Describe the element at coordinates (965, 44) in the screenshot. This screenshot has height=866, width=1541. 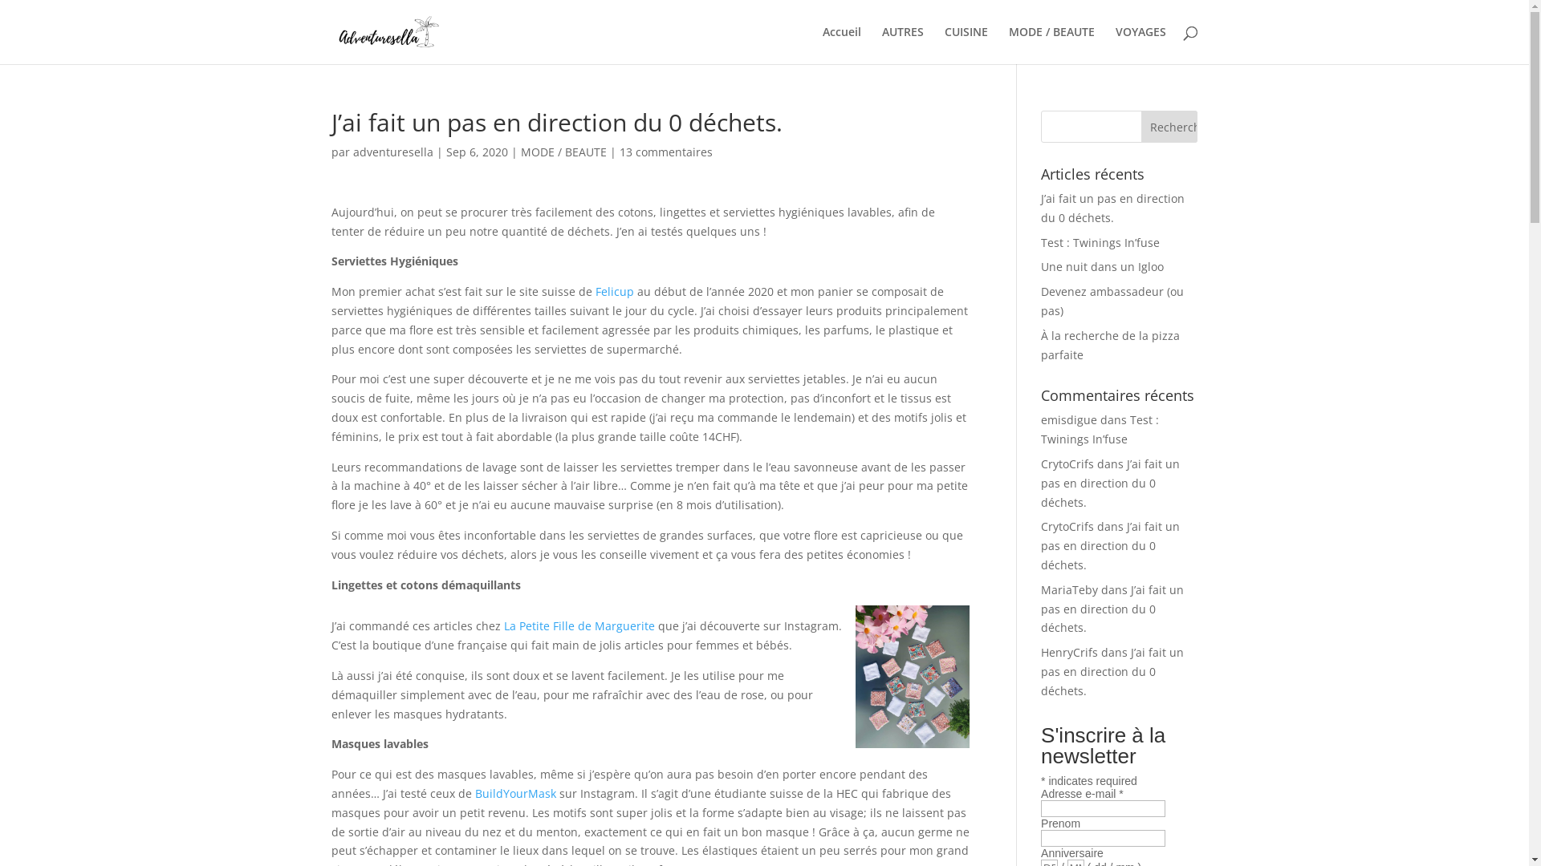
I see `'CUISINE'` at that location.